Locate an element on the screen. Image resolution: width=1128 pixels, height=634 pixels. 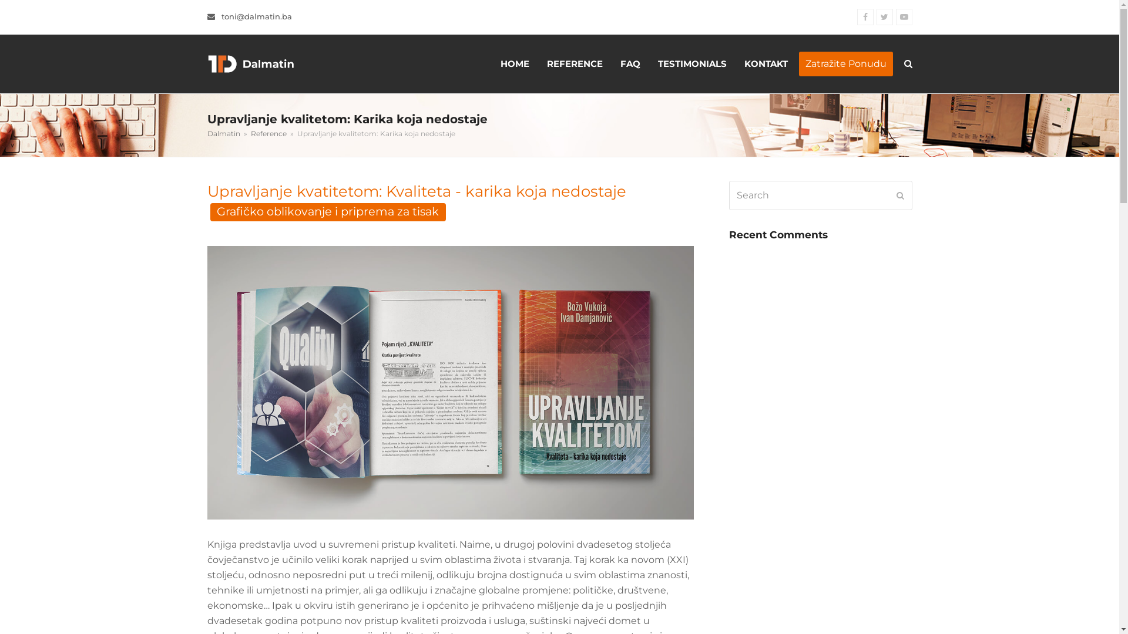
'TESTIMONIALS' is located at coordinates (691, 63).